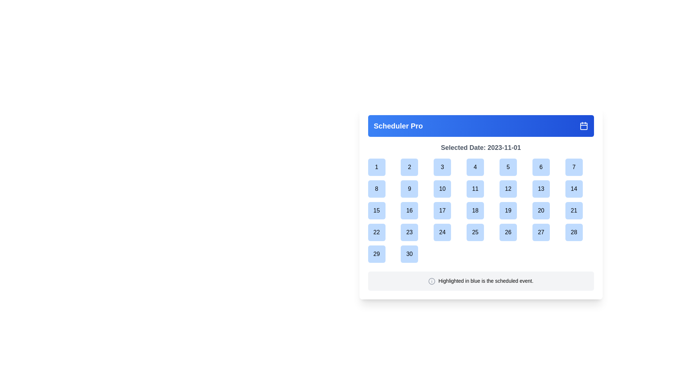  I want to click on the Interactive Date Cell representing the 16th day of the month, so click(415, 211).